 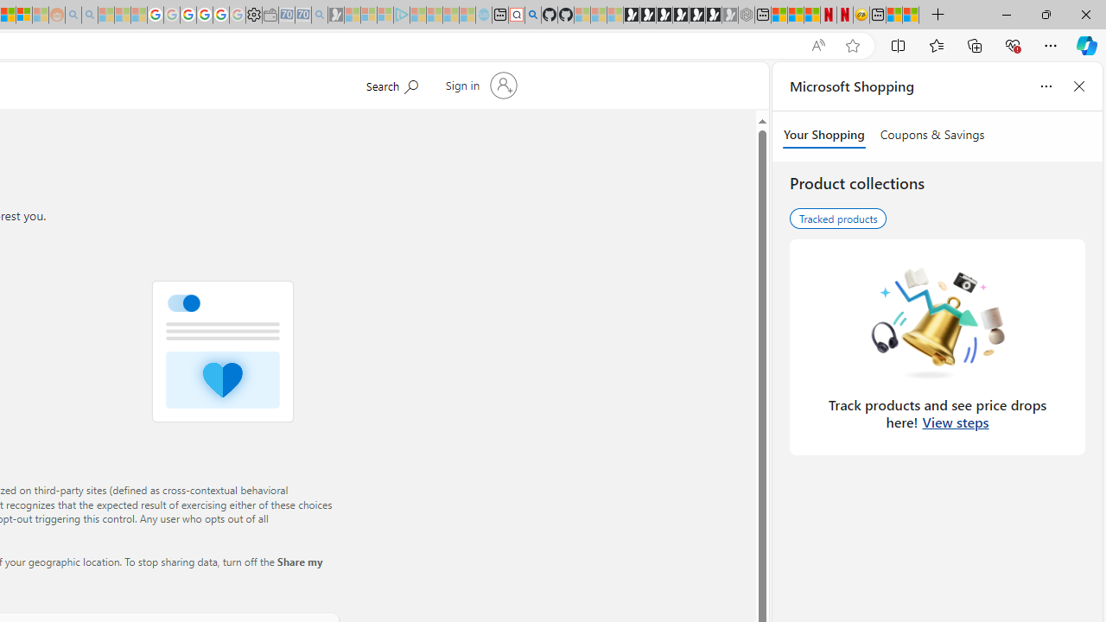 What do you see at coordinates (336, 15) in the screenshot?
I see `'Microsoft Start Gaming - Sleeping'` at bounding box center [336, 15].